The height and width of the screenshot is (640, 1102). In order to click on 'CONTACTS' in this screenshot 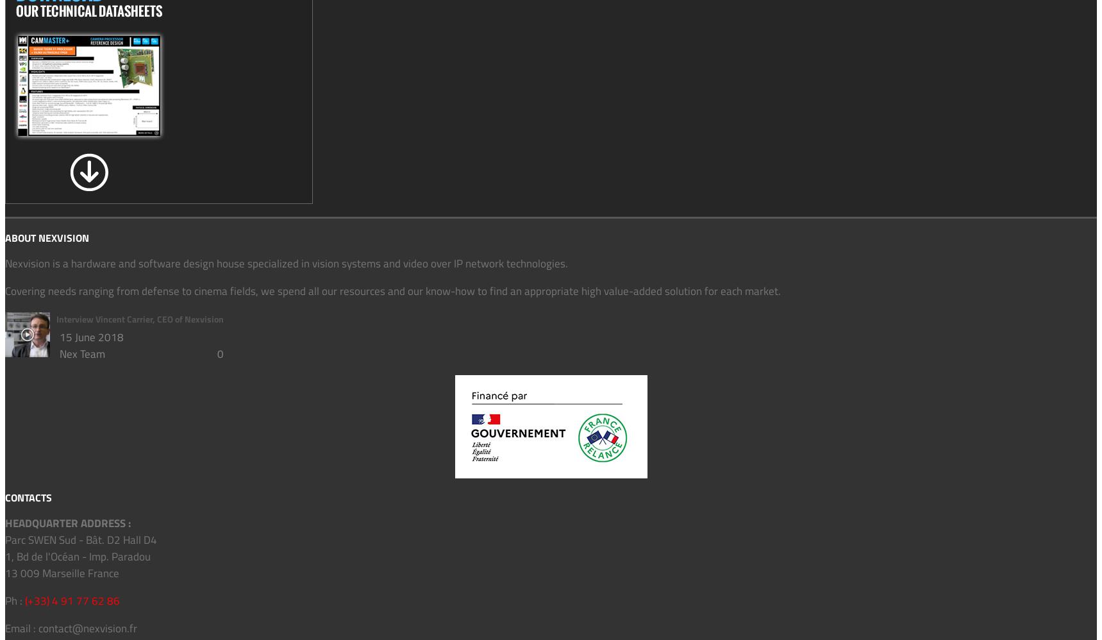, I will do `click(28, 496)`.